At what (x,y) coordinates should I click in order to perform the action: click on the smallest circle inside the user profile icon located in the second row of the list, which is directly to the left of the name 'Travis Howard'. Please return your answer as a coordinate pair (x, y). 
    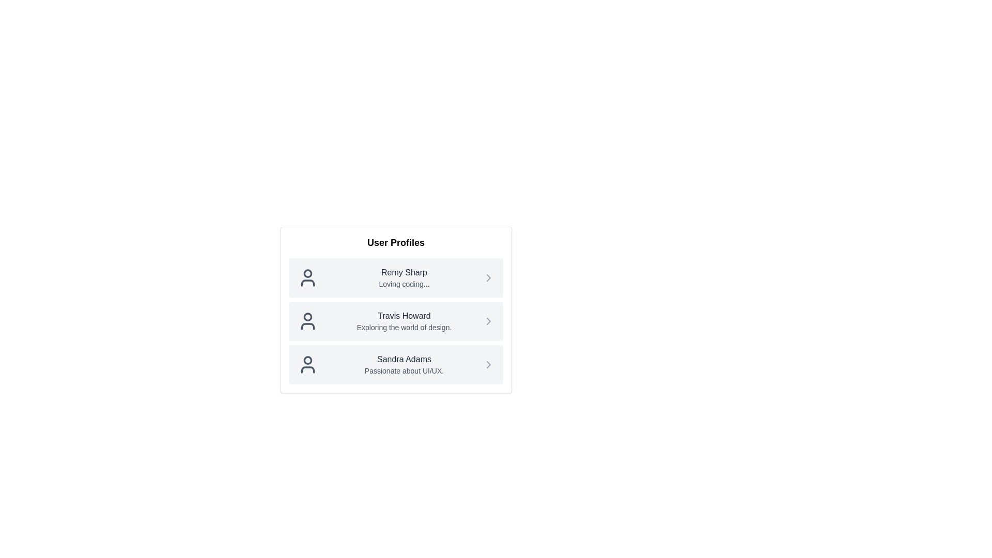
    Looking at the image, I should click on (307, 316).